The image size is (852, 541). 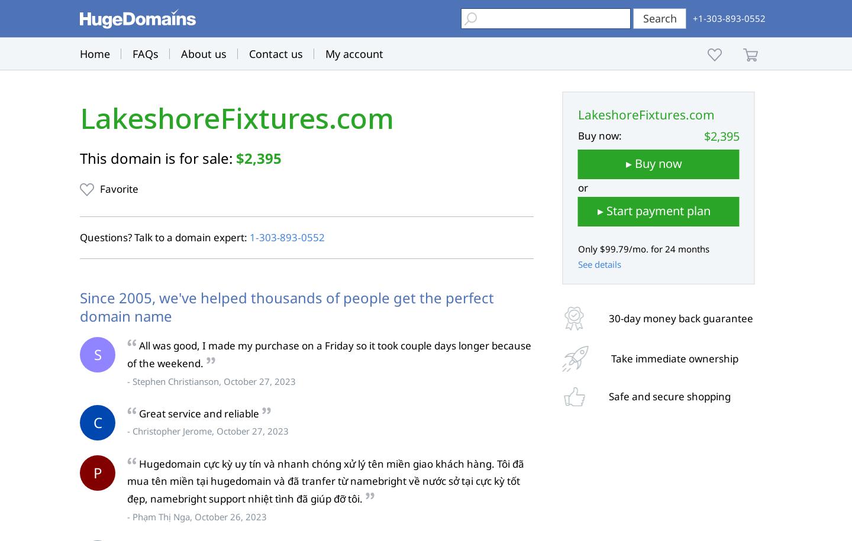 I want to click on 'About us', so click(x=204, y=53).